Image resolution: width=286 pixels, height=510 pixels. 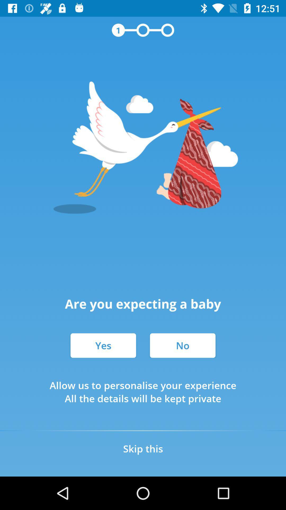 I want to click on icon to the left of no item, so click(x=103, y=345).